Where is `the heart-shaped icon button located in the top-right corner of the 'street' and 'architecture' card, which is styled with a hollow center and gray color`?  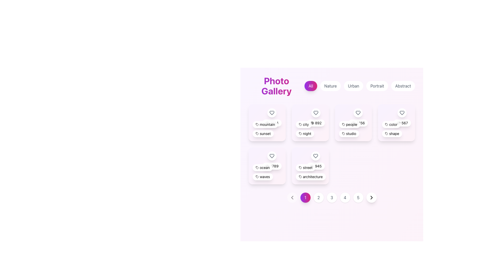 the heart-shaped icon button located in the top-right corner of the 'street' and 'architecture' card, which is styled with a hollow center and gray color is located at coordinates (315, 156).